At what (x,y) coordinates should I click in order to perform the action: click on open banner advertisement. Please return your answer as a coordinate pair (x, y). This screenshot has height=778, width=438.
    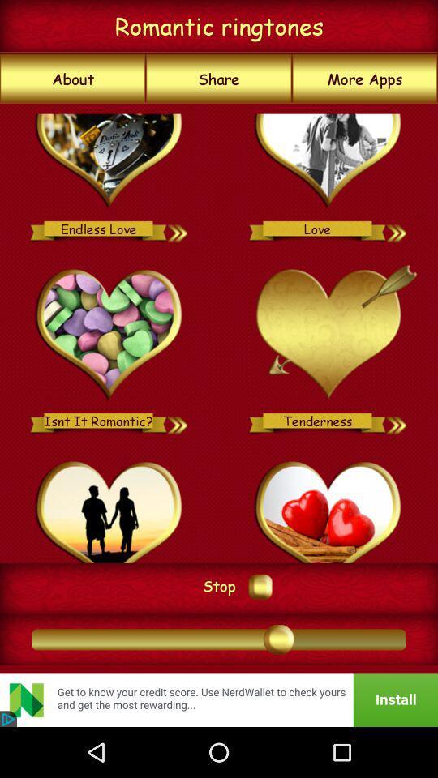
    Looking at the image, I should click on (219, 699).